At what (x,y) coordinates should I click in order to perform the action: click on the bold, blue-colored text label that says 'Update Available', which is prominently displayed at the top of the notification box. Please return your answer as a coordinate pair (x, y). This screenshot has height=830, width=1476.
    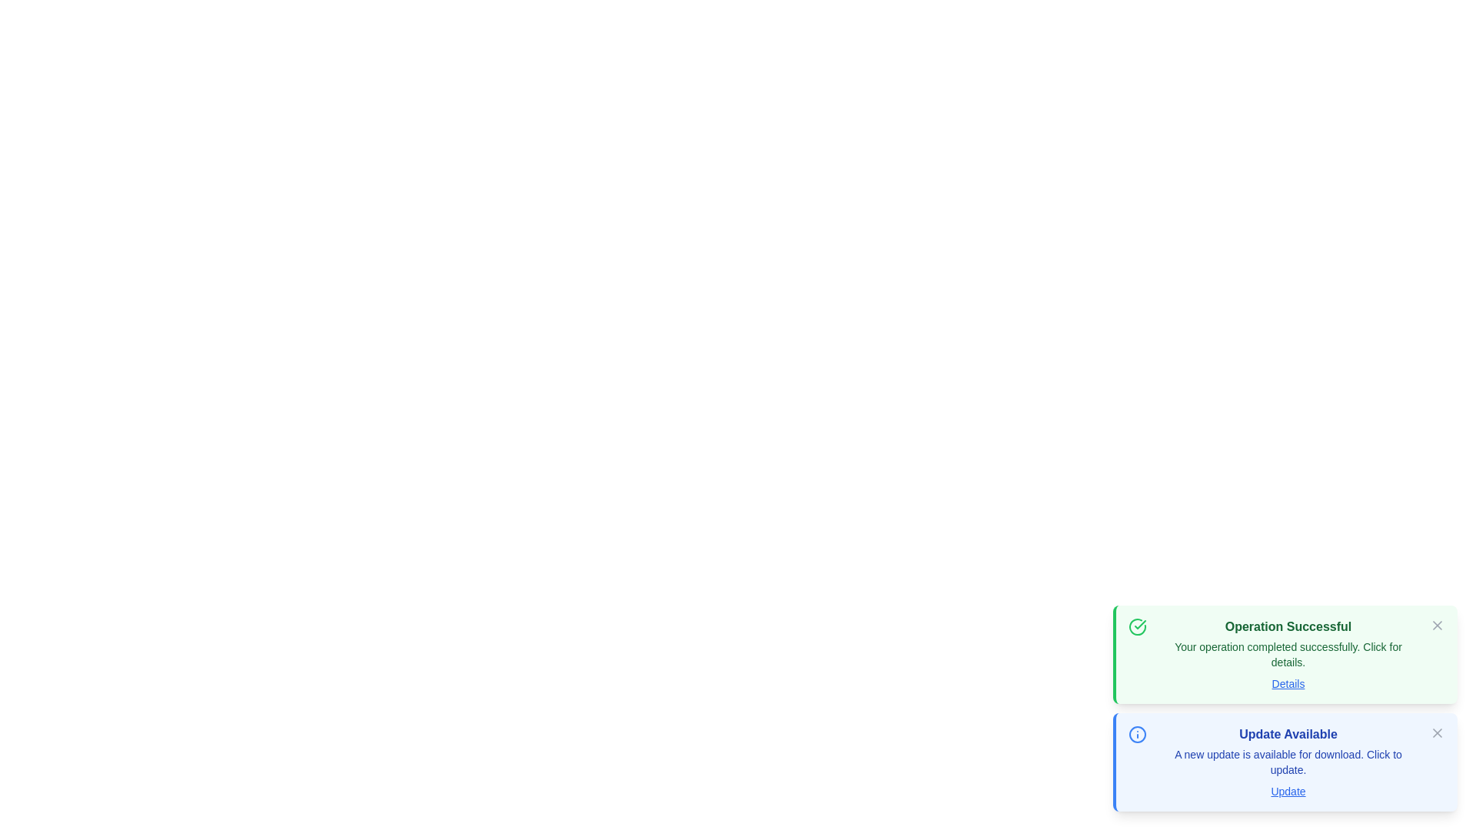
    Looking at the image, I should click on (1288, 734).